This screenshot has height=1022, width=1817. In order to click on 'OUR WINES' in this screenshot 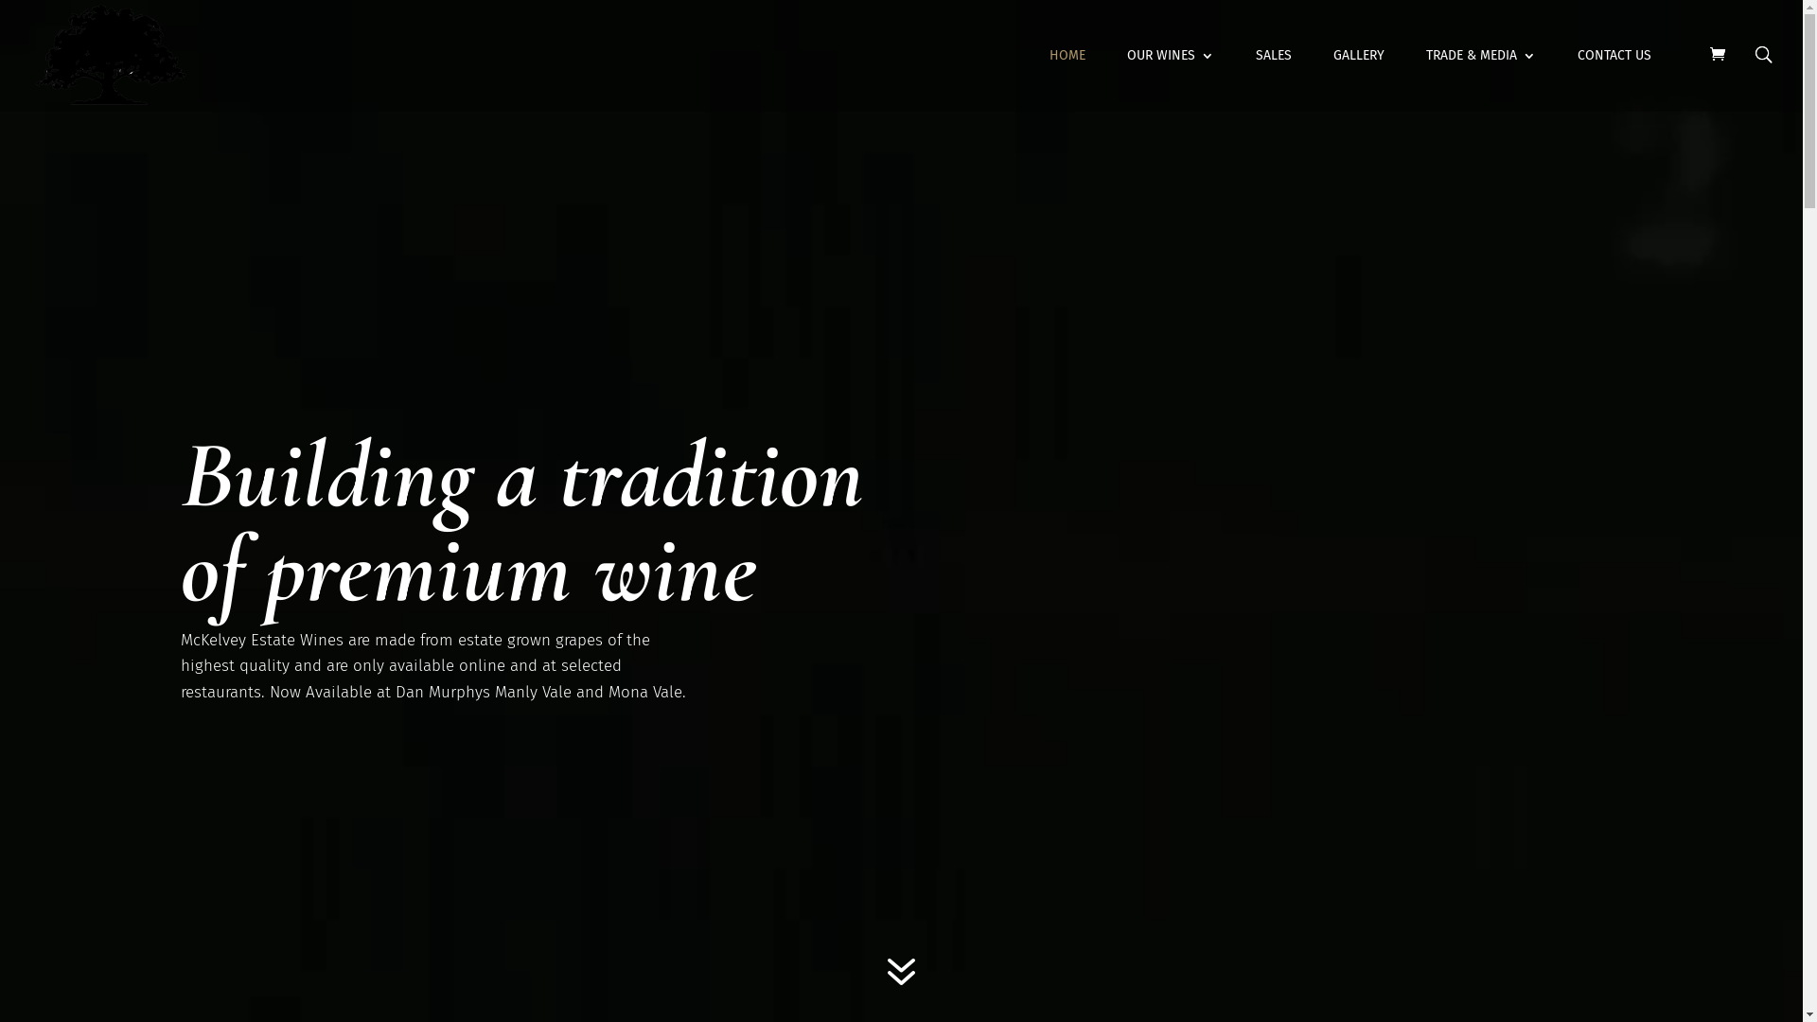, I will do `click(1170, 79)`.